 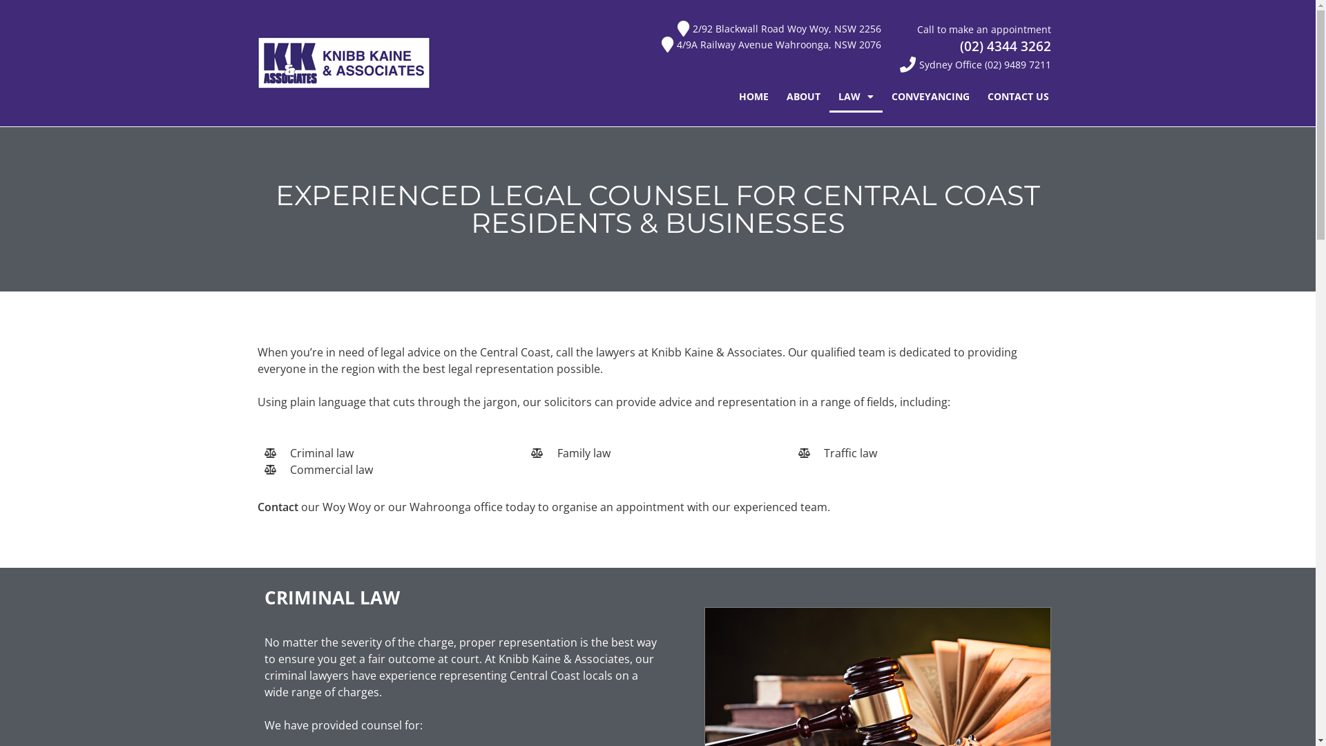 What do you see at coordinates (390, 452) in the screenshot?
I see `'Criminal law'` at bounding box center [390, 452].